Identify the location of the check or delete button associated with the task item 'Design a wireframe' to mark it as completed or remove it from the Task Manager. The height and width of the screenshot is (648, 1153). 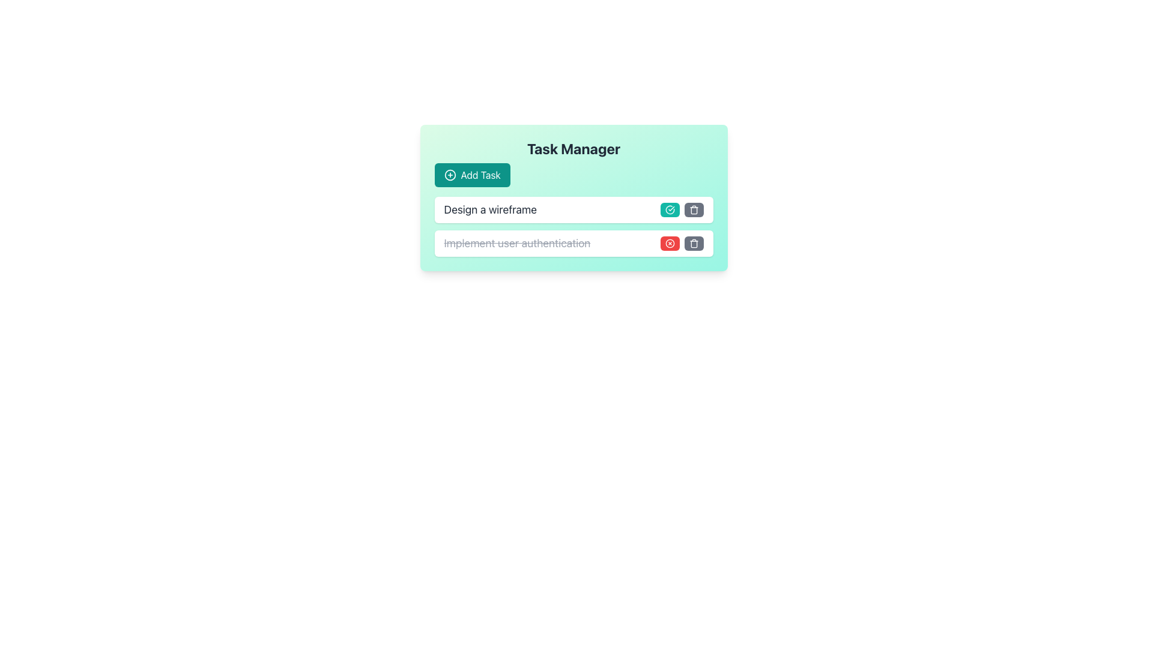
(573, 227).